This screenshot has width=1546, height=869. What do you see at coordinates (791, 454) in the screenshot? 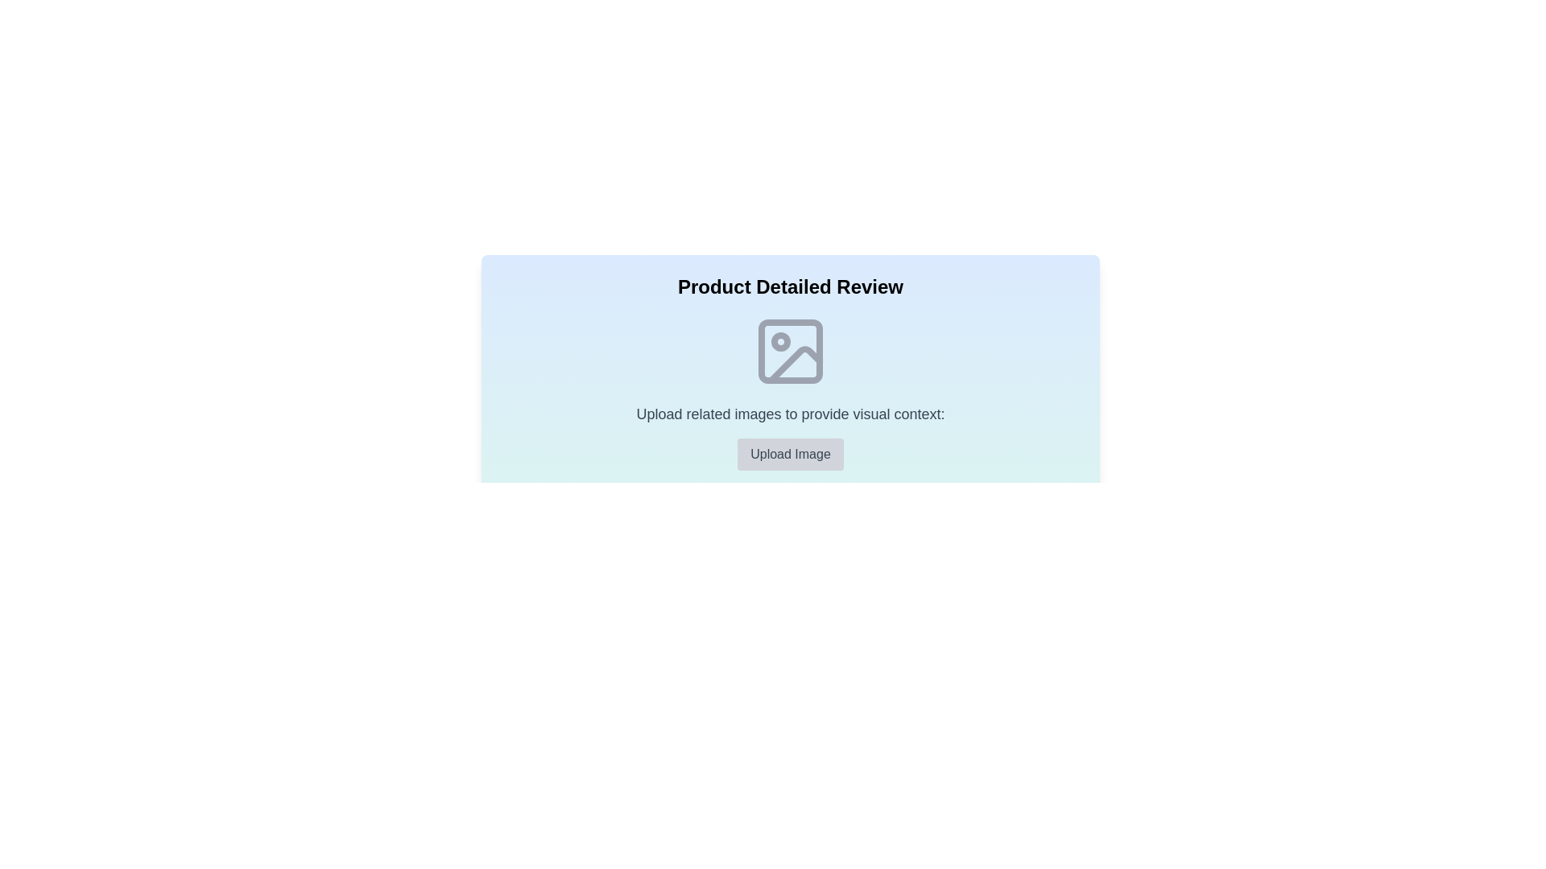
I see `'Upload Image' button to initiate the image upload process` at bounding box center [791, 454].